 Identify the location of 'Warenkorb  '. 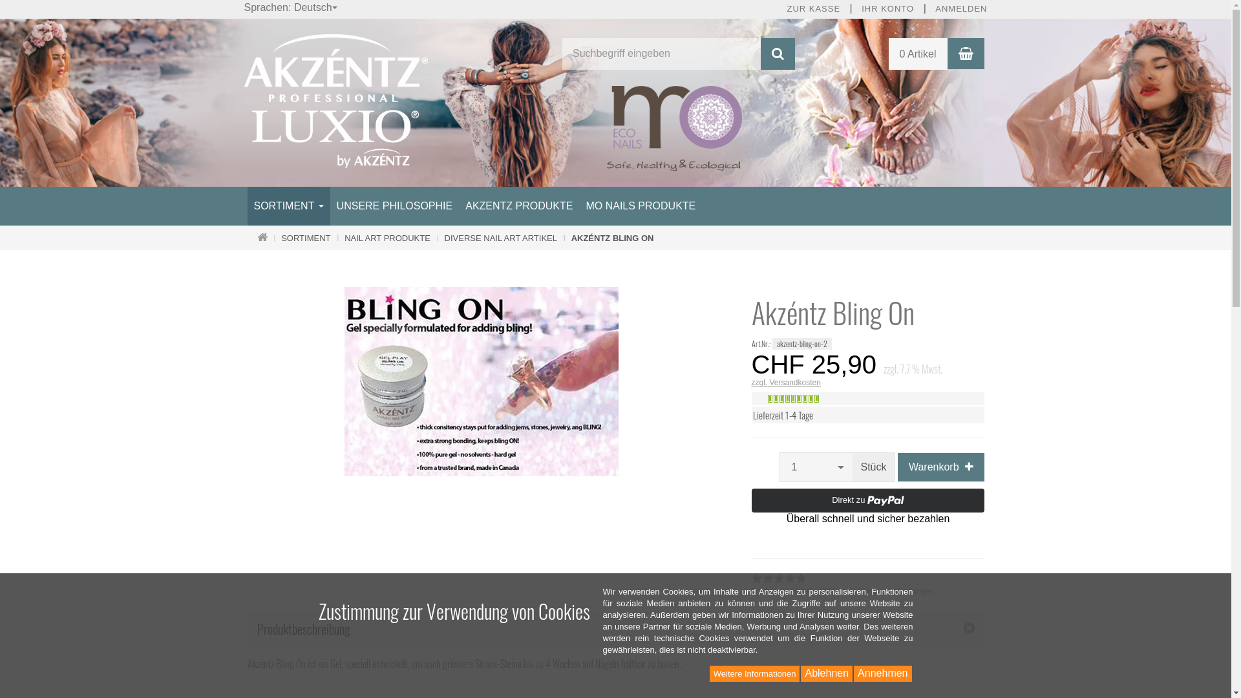
(940, 467).